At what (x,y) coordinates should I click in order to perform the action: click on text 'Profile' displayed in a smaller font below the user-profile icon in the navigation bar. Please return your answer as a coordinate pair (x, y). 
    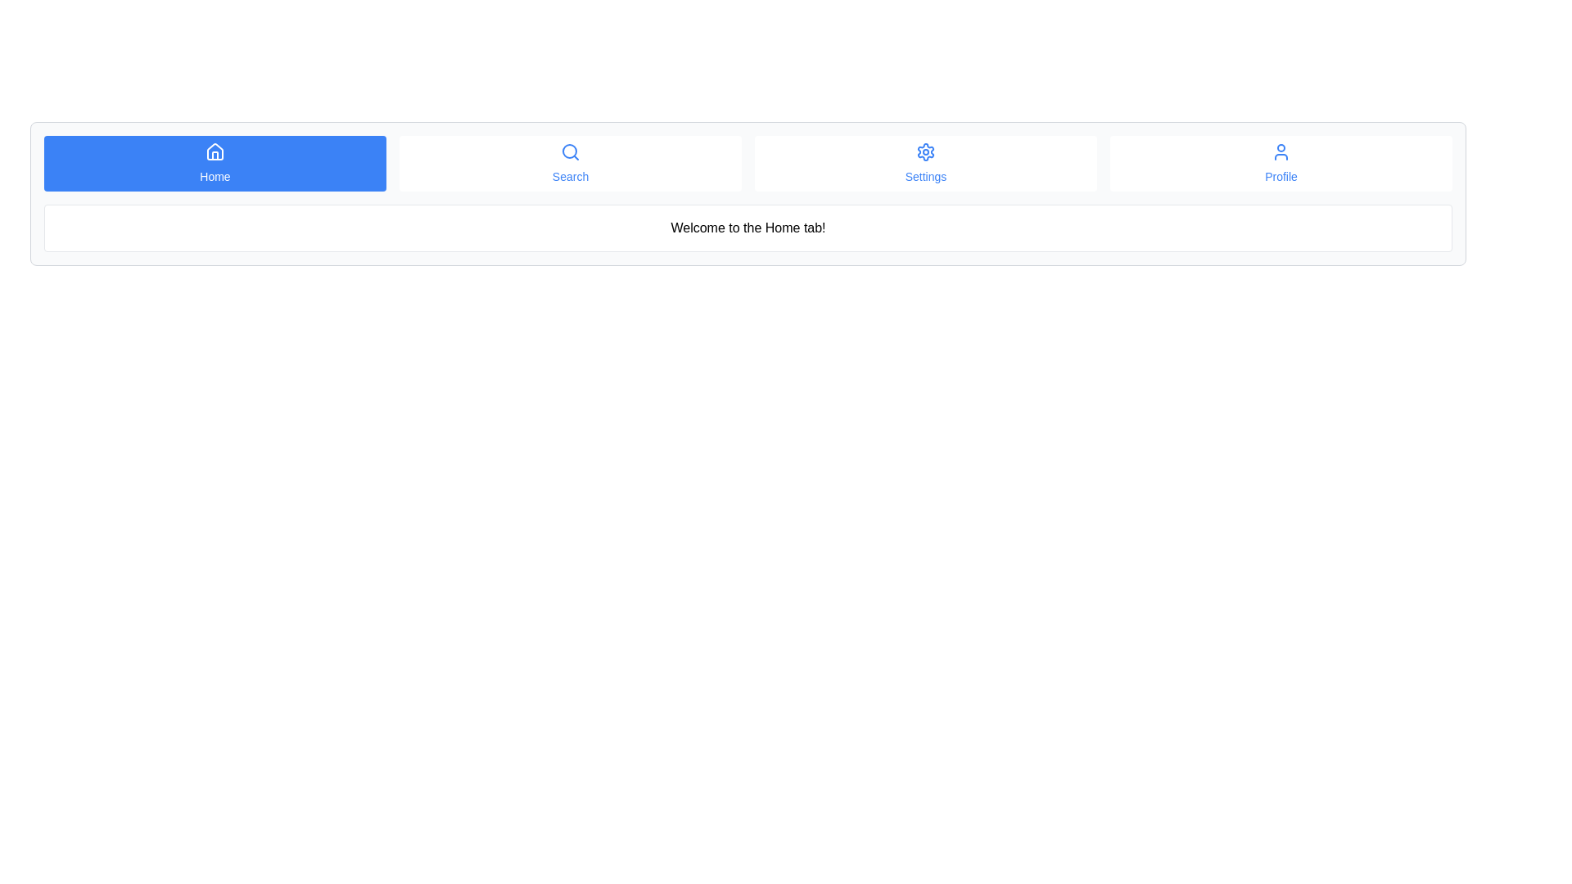
    Looking at the image, I should click on (1280, 177).